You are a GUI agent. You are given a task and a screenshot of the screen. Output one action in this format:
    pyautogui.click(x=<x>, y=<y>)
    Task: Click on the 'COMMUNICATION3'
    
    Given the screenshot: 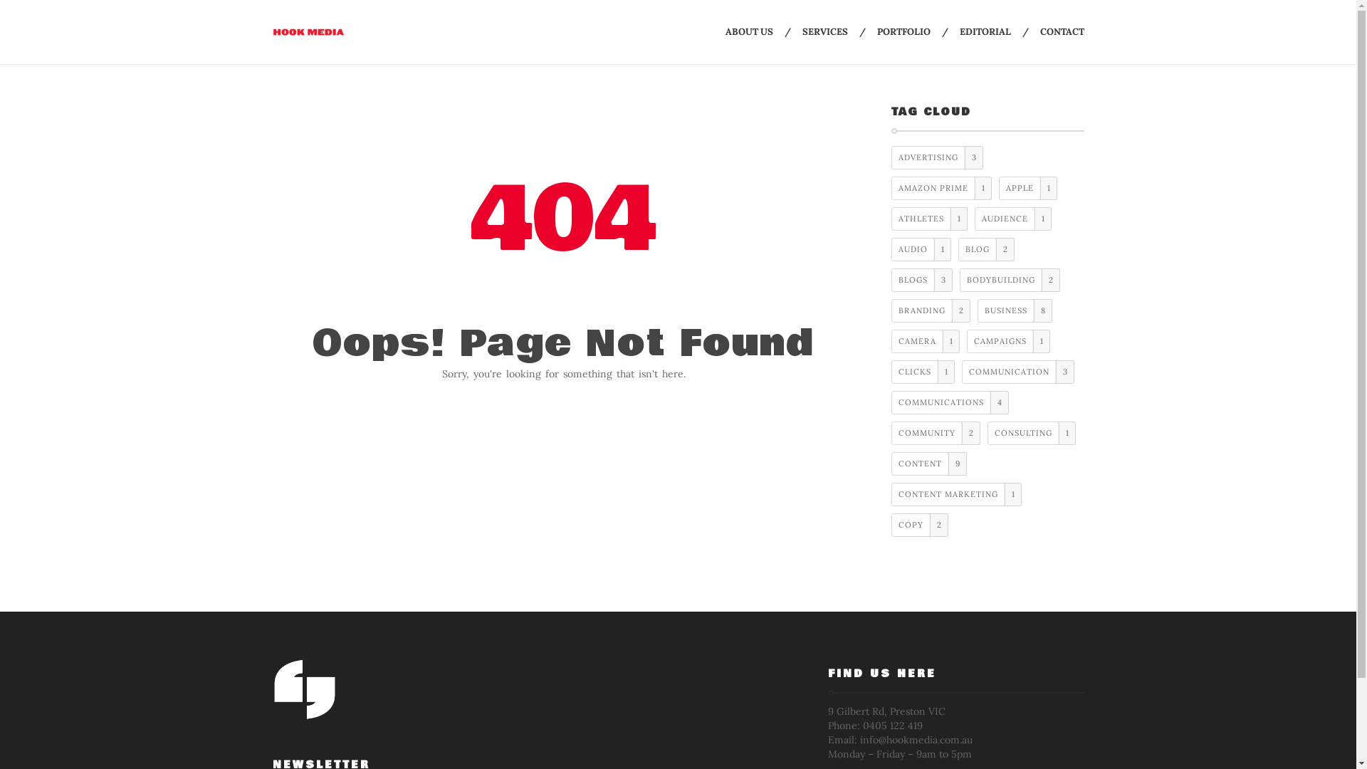 What is the action you would take?
    pyautogui.click(x=1017, y=371)
    